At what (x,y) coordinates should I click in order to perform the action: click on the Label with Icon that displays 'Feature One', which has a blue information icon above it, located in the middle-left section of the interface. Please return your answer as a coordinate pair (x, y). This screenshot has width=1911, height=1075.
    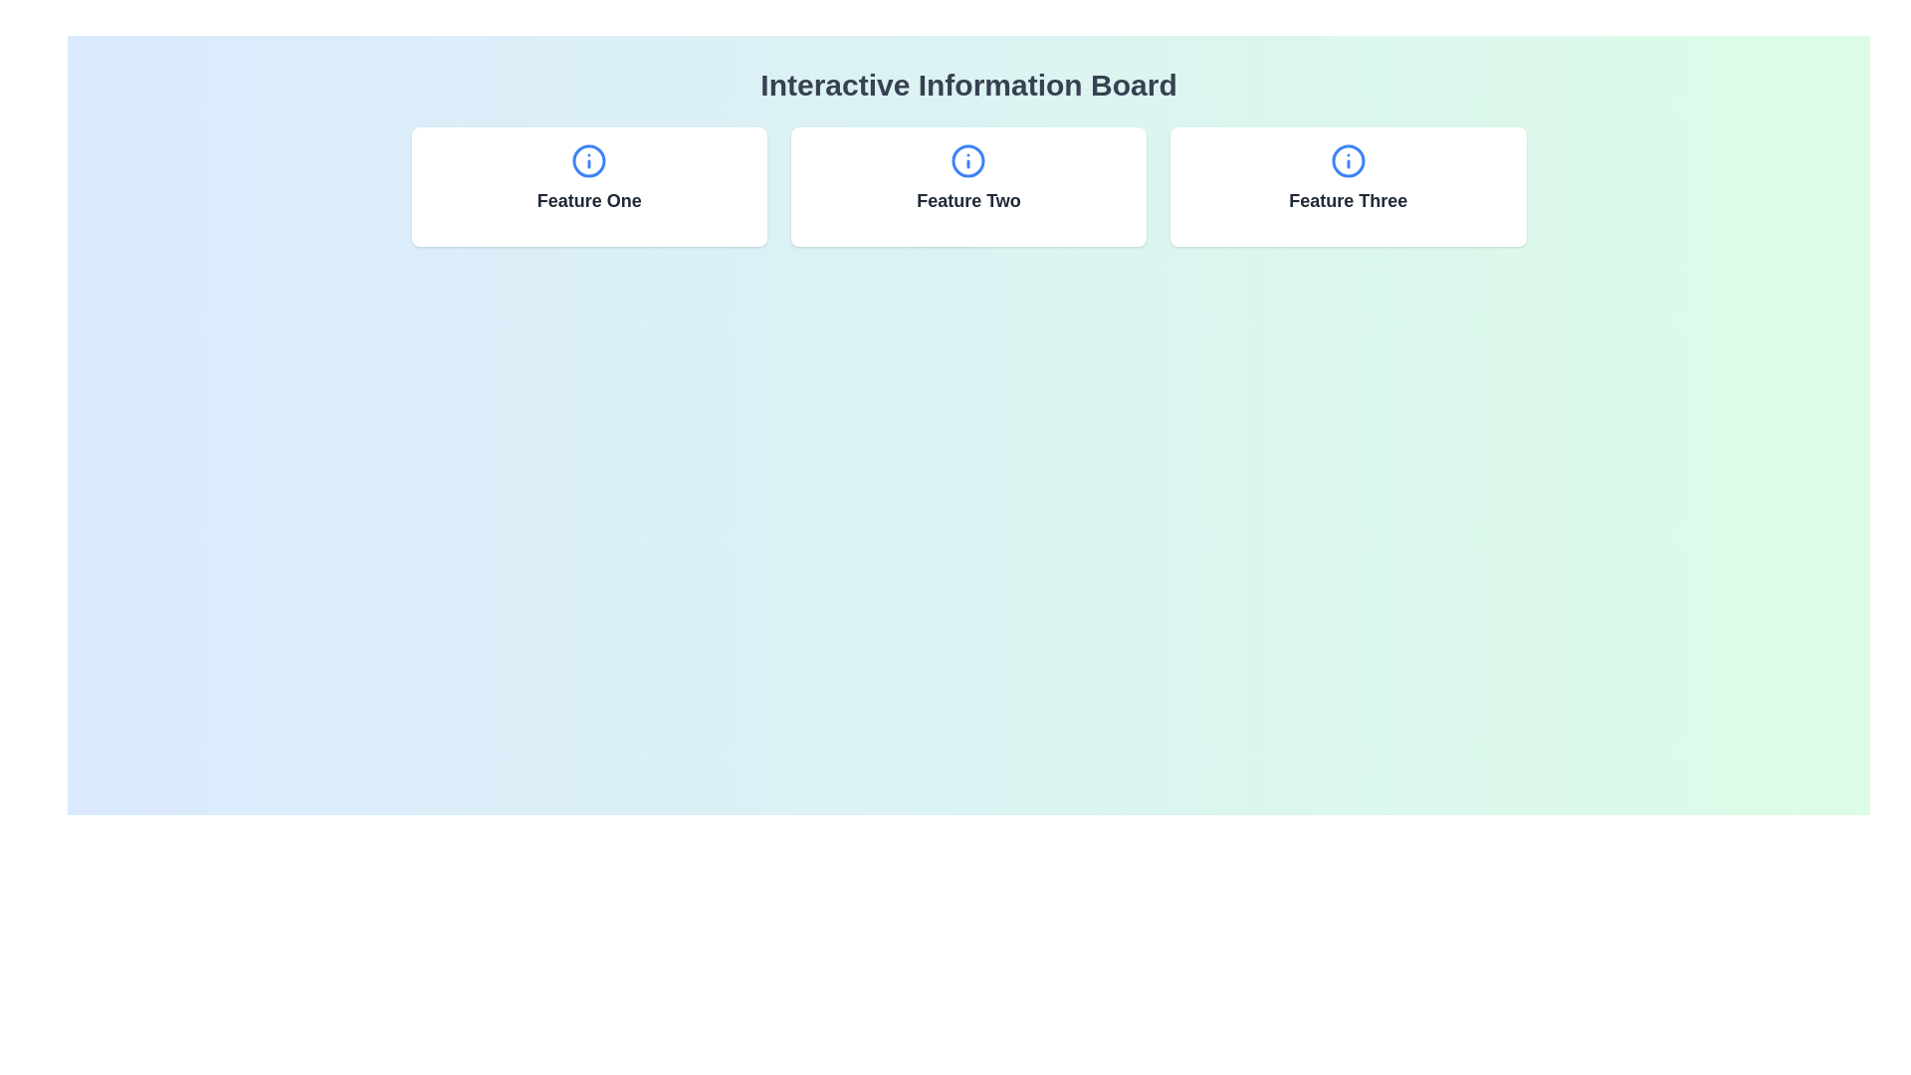
    Looking at the image, I should click on (588, 179).